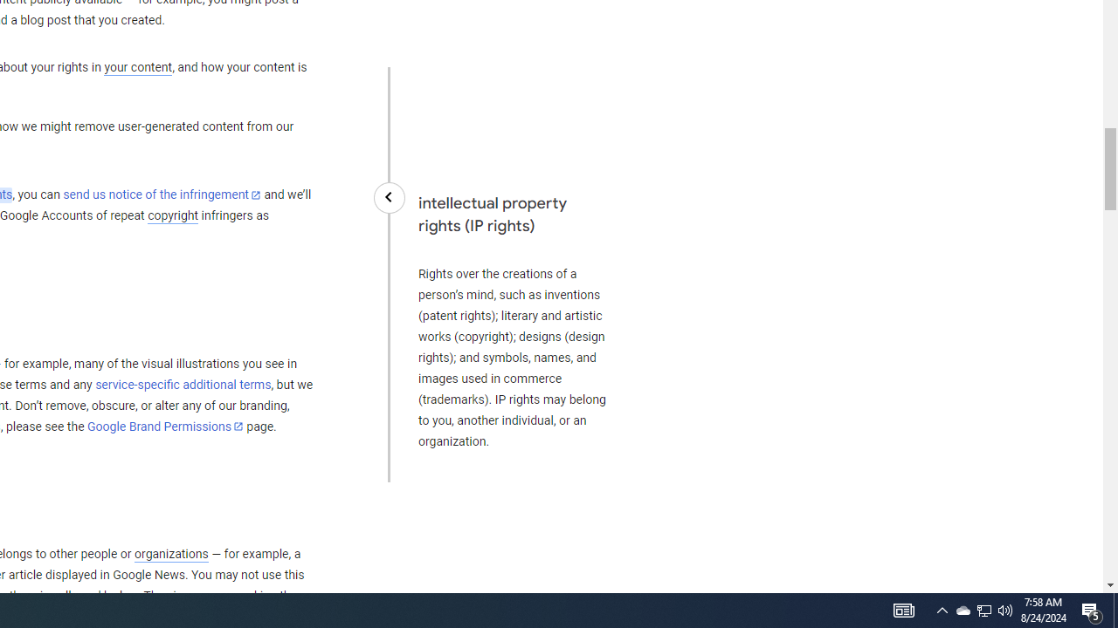 This screenshot has width=1118, height=628. Describe the element at coordinates (162, 195) in the screenshot. I see `'send us notice of the infringement'` at that location.